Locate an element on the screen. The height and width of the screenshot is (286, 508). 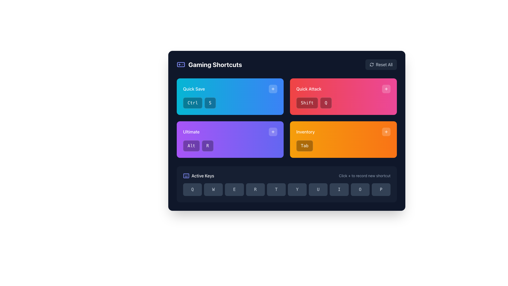
the '+' action button located in the 'Quick Save' section at the top-right corner is located at coordinates (273, 88).